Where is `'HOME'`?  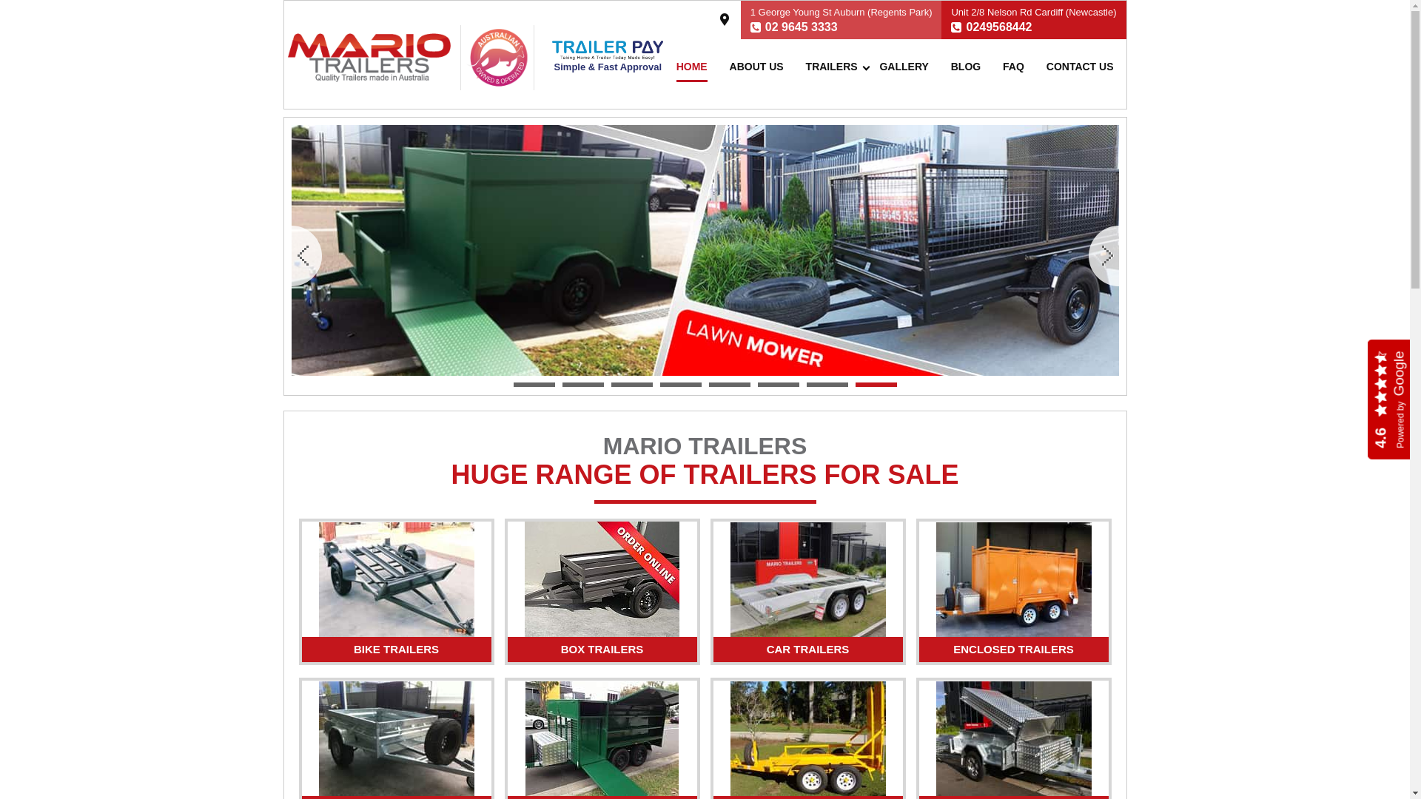 'HOME' is located at coordinates (675, 65).